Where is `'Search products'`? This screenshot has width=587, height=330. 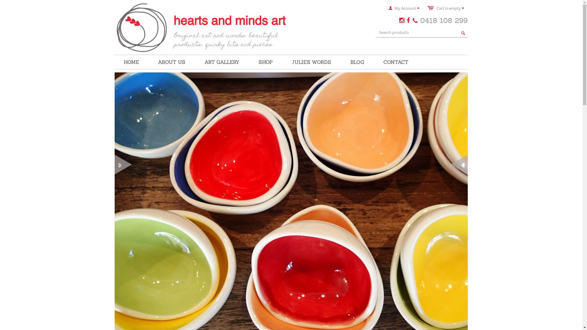
'Search products' is located at coordinates (422, 32).